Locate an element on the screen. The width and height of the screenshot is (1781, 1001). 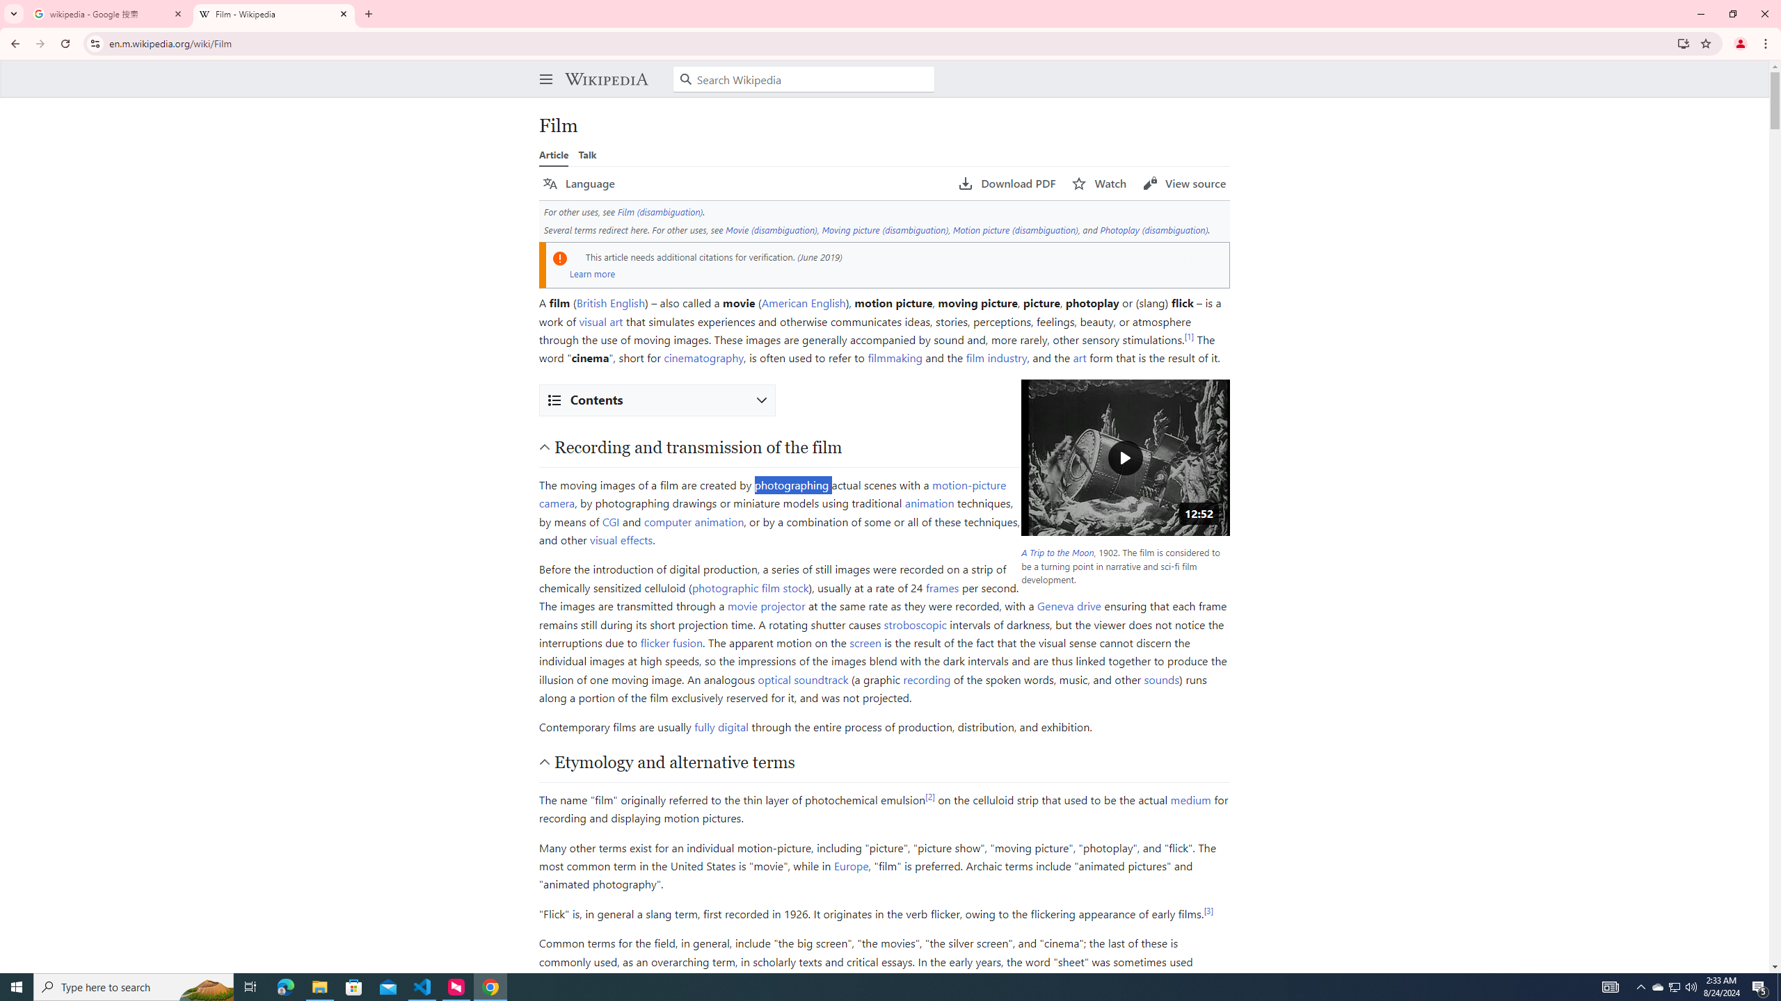
'frames' is located at coordinates (942, 586).